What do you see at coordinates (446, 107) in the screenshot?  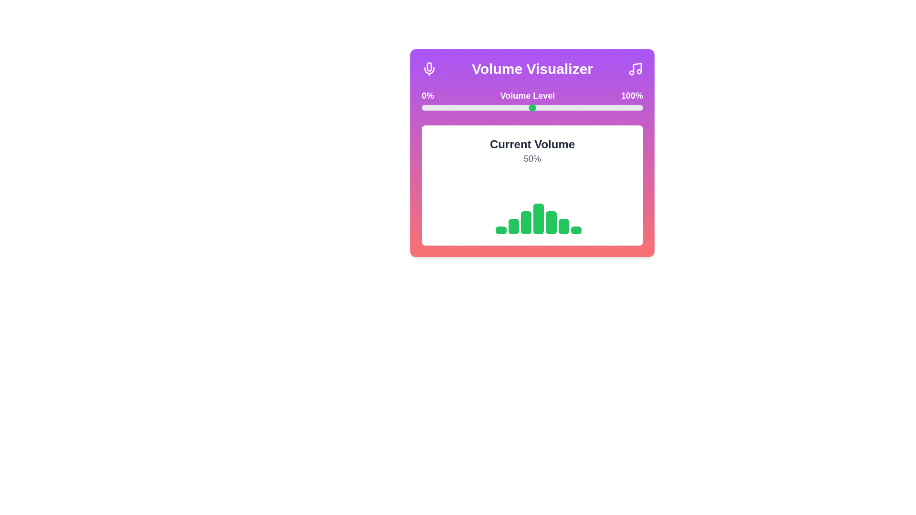 I see `the volume slider to set the volume to 11%` at bounding box center [446, 107].